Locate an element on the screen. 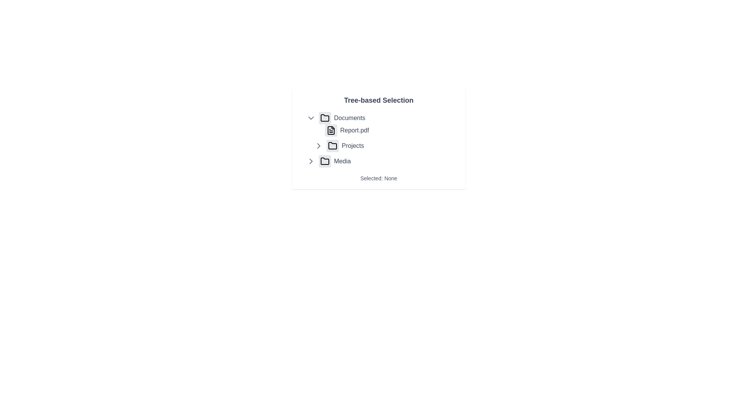  the Dropdown toggle icon is located at coordinates (311, 118).